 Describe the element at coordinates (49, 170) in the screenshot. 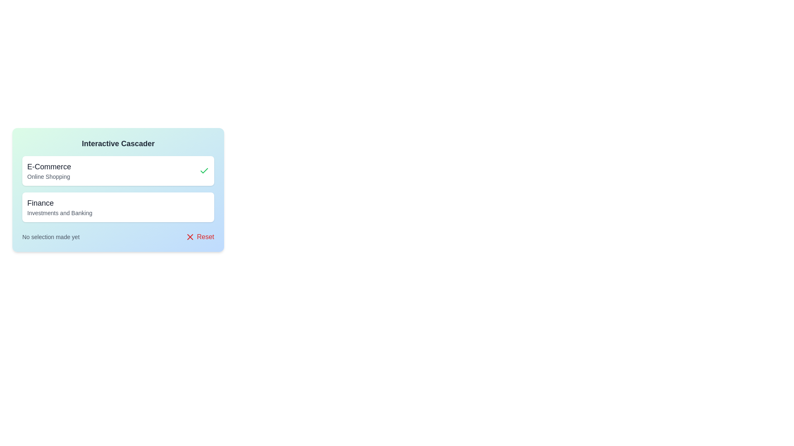

I see `the text-based interactive list item representing 'E-Commerce' and 'Online Shopping' in the 'Interactive Cascader' section` at that location.